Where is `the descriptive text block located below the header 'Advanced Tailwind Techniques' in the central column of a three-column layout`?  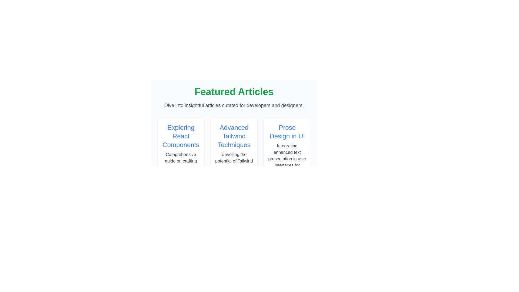
the descriptive text block located below the header 'Advanced Tailwind Techniques' in the central column of a three-column layout is located at coordinates (234, 164).